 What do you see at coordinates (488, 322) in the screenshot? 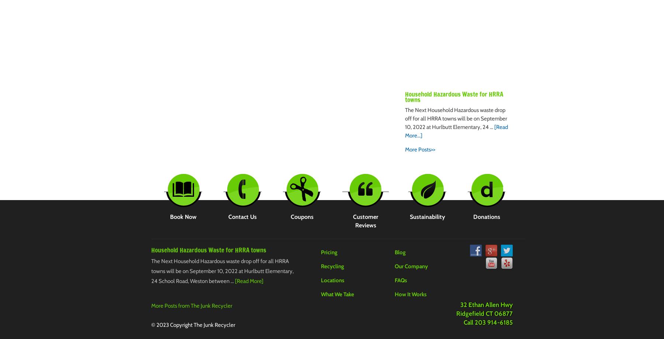
I see `'Call 203 914-6185'` at bounding box center [488, 322].